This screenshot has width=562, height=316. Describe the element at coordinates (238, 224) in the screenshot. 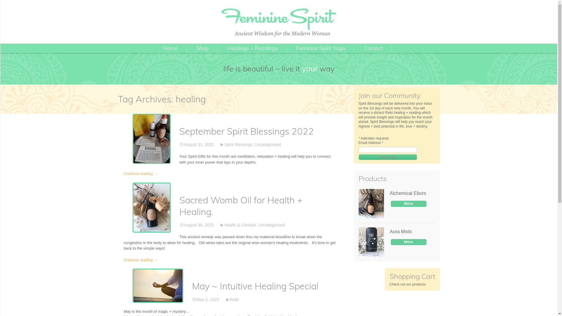

I see `'Health & Lifestyle'` at that location.